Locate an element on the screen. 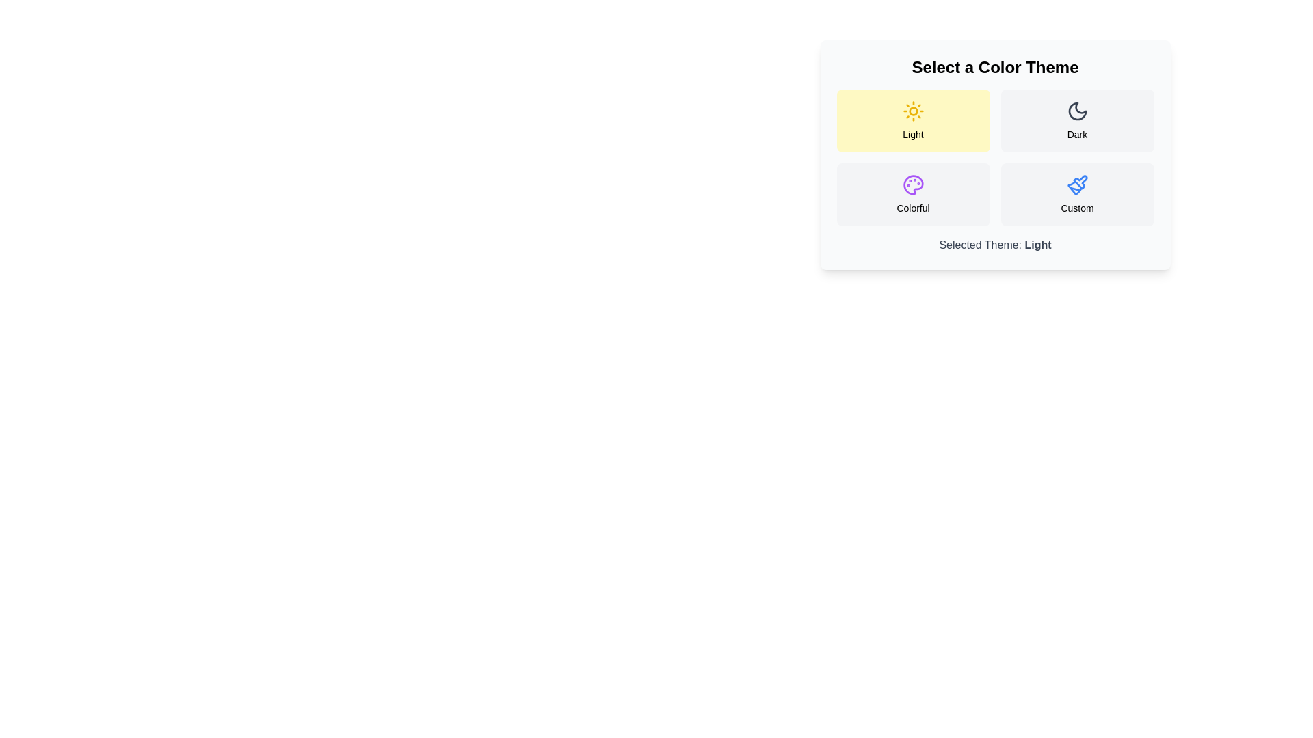 This screenshot has width=1313, height=738. the theme button labeled 'Dark' to observe its hover effect is located at coordinates (1076, 120).